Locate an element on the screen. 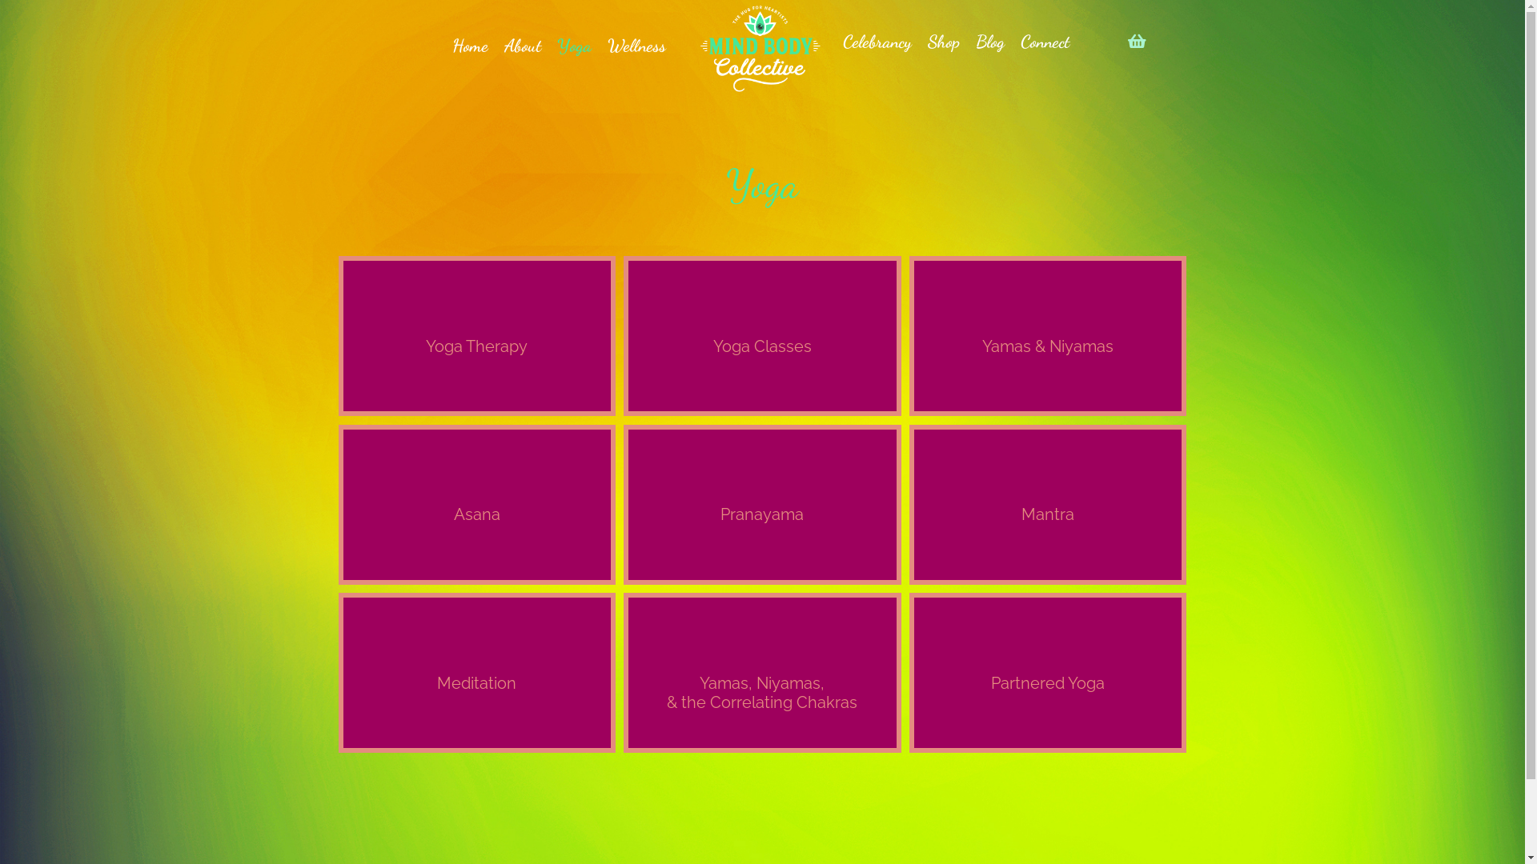 The image size is (1537, 864). 'Mantra' is located at coordinates (1048, 505).